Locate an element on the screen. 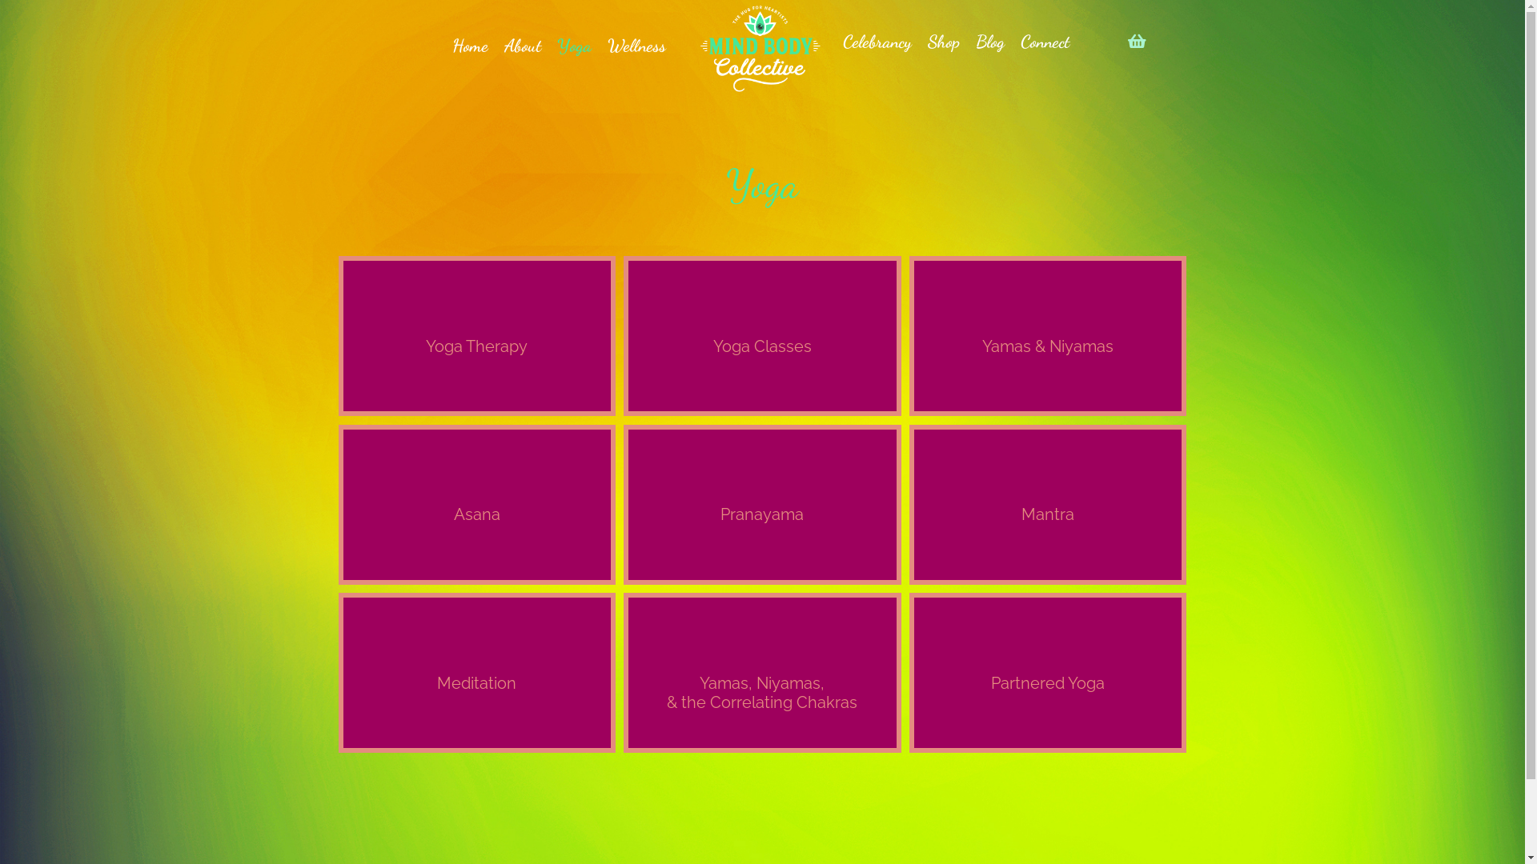 The image size is (1537, 864). 'Mantra' is located at coordinates (1048, 505).